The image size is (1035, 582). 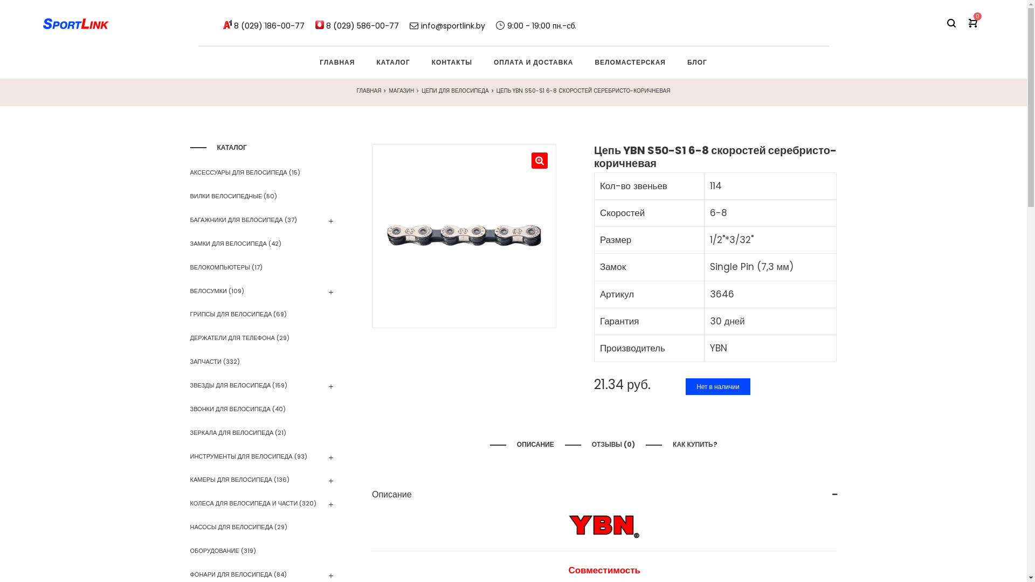 I want to click on '0', so click(x=972, y=23).